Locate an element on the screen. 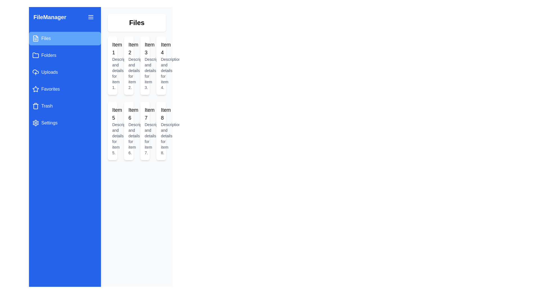 The width and height of the screenshot is (540, 304). the Heading element located below the 'FileManager' sidebar in the file management interface to focus on it is located at coordinates (137, 23).